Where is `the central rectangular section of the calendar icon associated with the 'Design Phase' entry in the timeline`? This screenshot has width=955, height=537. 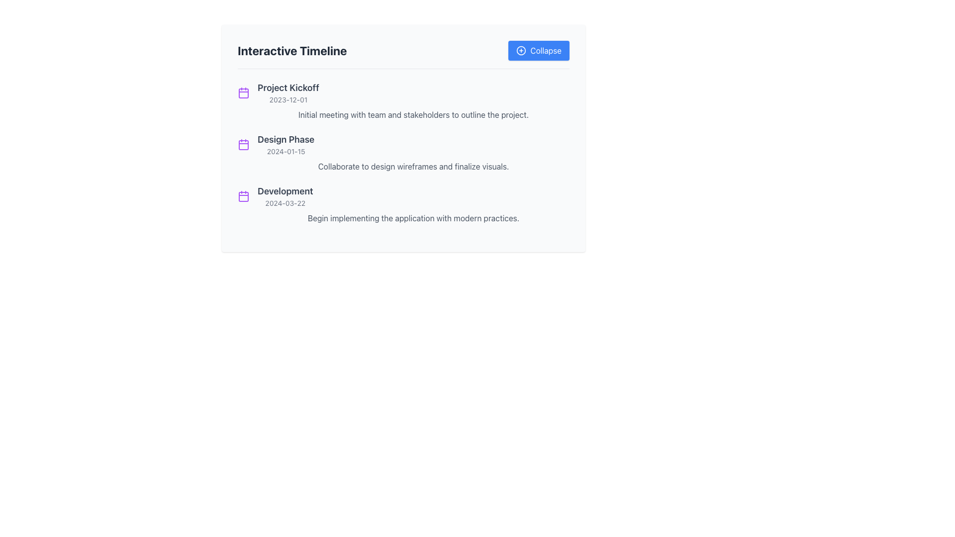 the central rectangular section of the calendar icon associated with the 'Design Phase' entry in the timeline is located at coordinates (243, 145).